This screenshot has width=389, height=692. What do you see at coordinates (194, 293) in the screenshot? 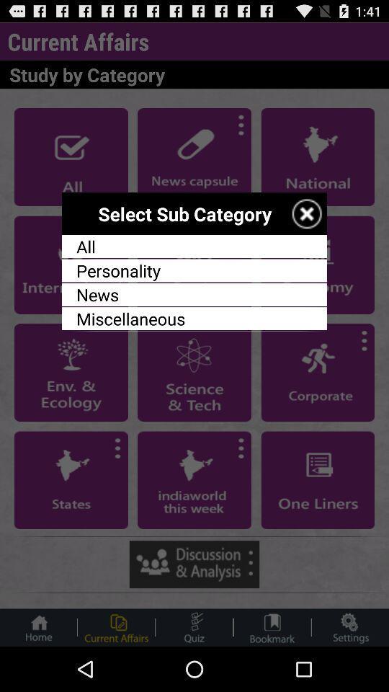
I see `item below personality app` at bounding box center [194, 293].